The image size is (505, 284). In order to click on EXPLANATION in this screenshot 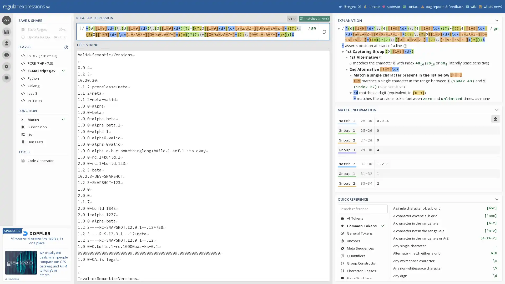, I will do `click(418, 19)`.